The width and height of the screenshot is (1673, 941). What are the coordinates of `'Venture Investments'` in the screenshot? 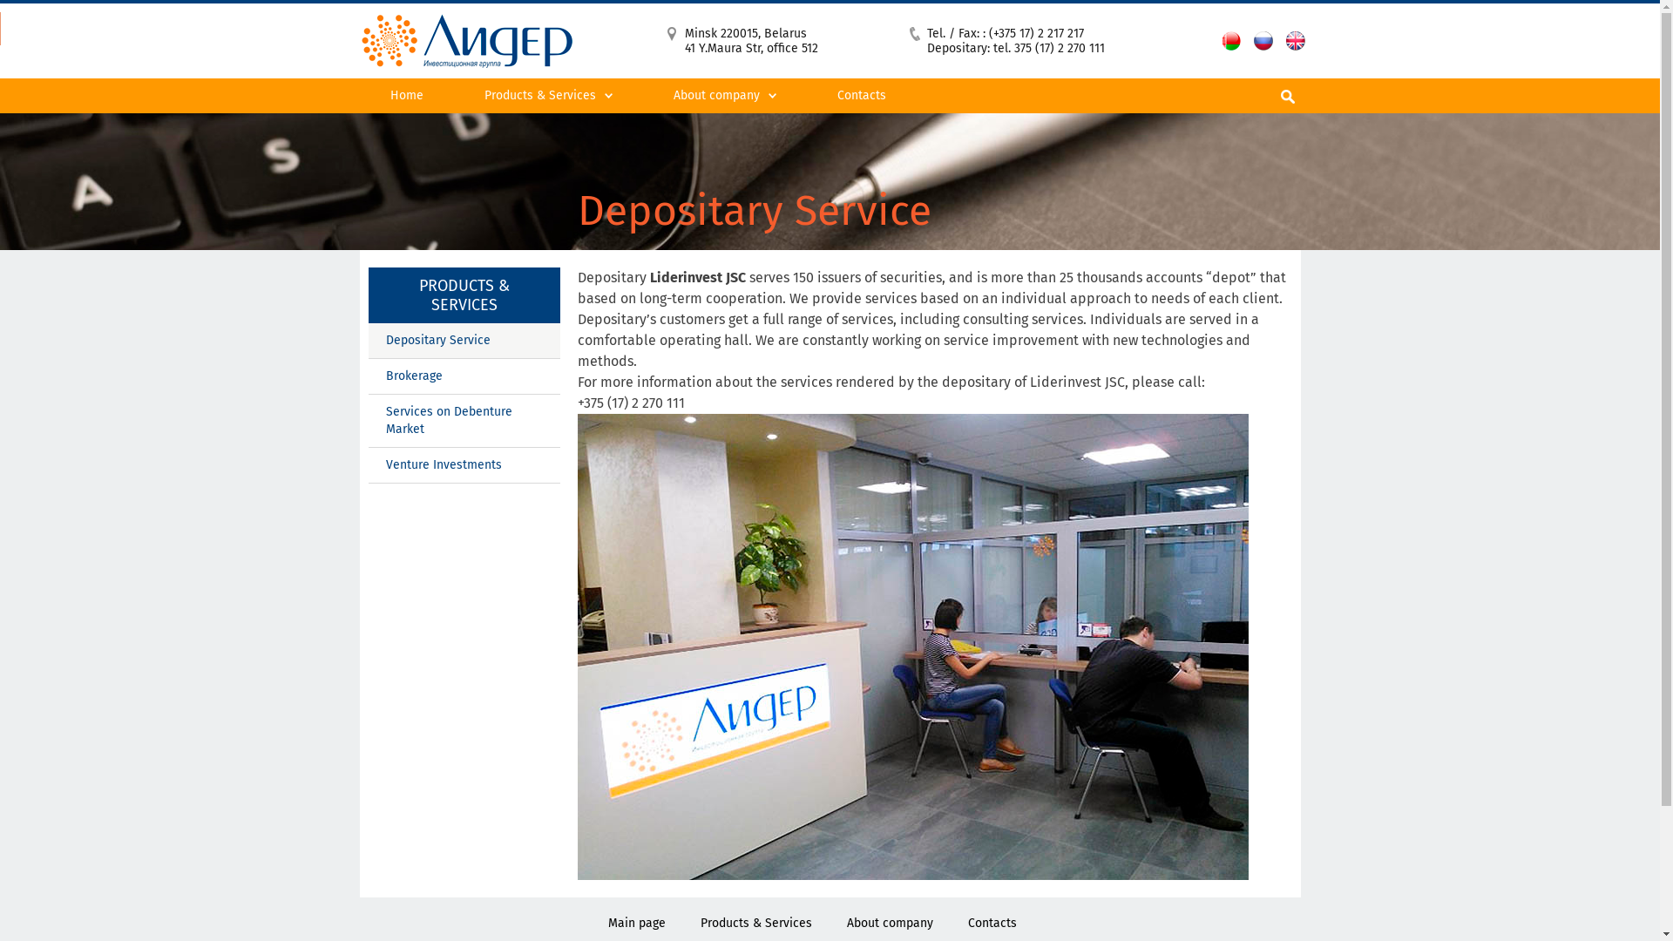 It's located at (464, 464).